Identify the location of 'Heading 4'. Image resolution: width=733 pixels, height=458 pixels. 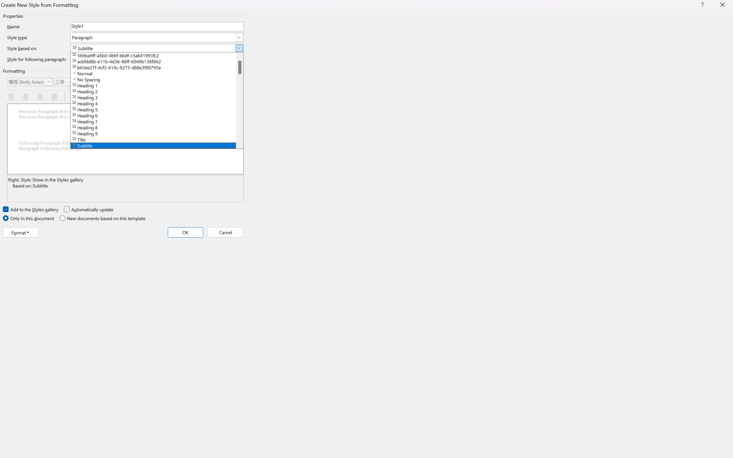
(156, 103).